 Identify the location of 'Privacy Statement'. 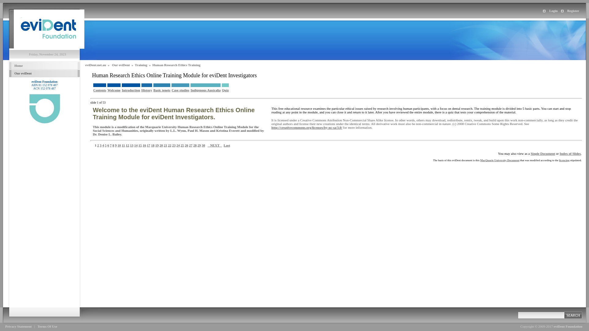
(18, 326).